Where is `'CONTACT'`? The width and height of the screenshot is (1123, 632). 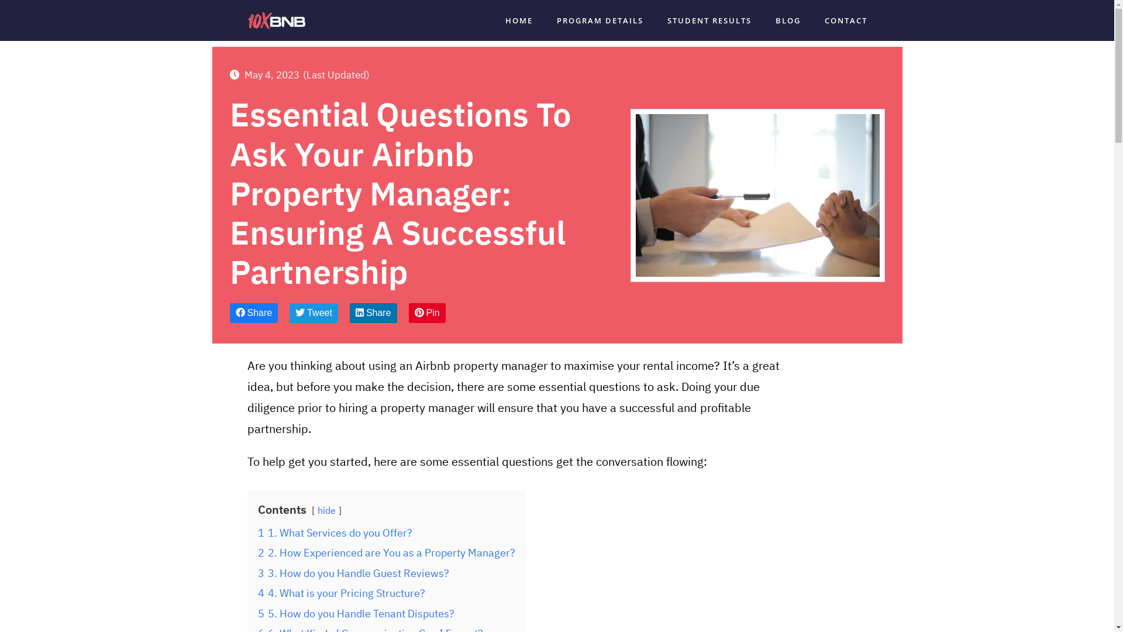
'CONTACT' is located at coordinates (824, 20).